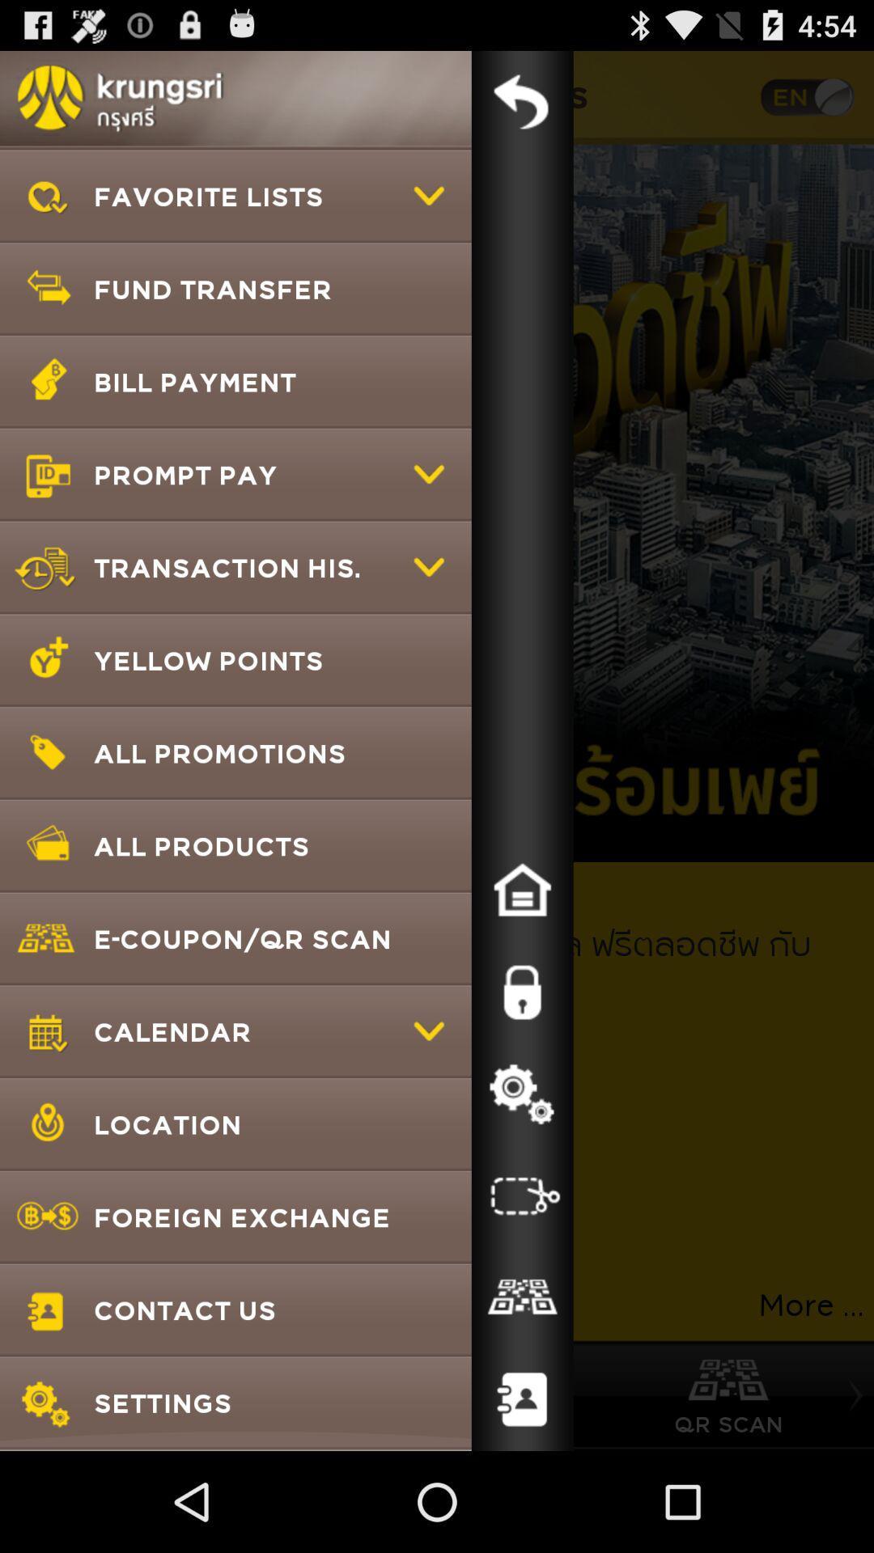 Image resolution: width=874 pixels, height=1553 pixels. I want to click on item next to foreign exchange item, so click(522, 1297).